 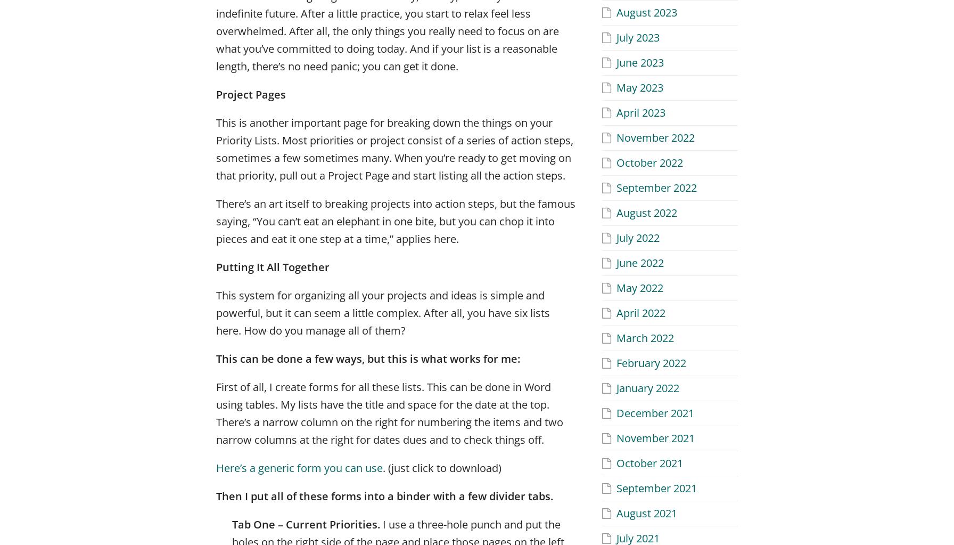 I want to click on '. (just click to download)', so click(x=442, y=467).